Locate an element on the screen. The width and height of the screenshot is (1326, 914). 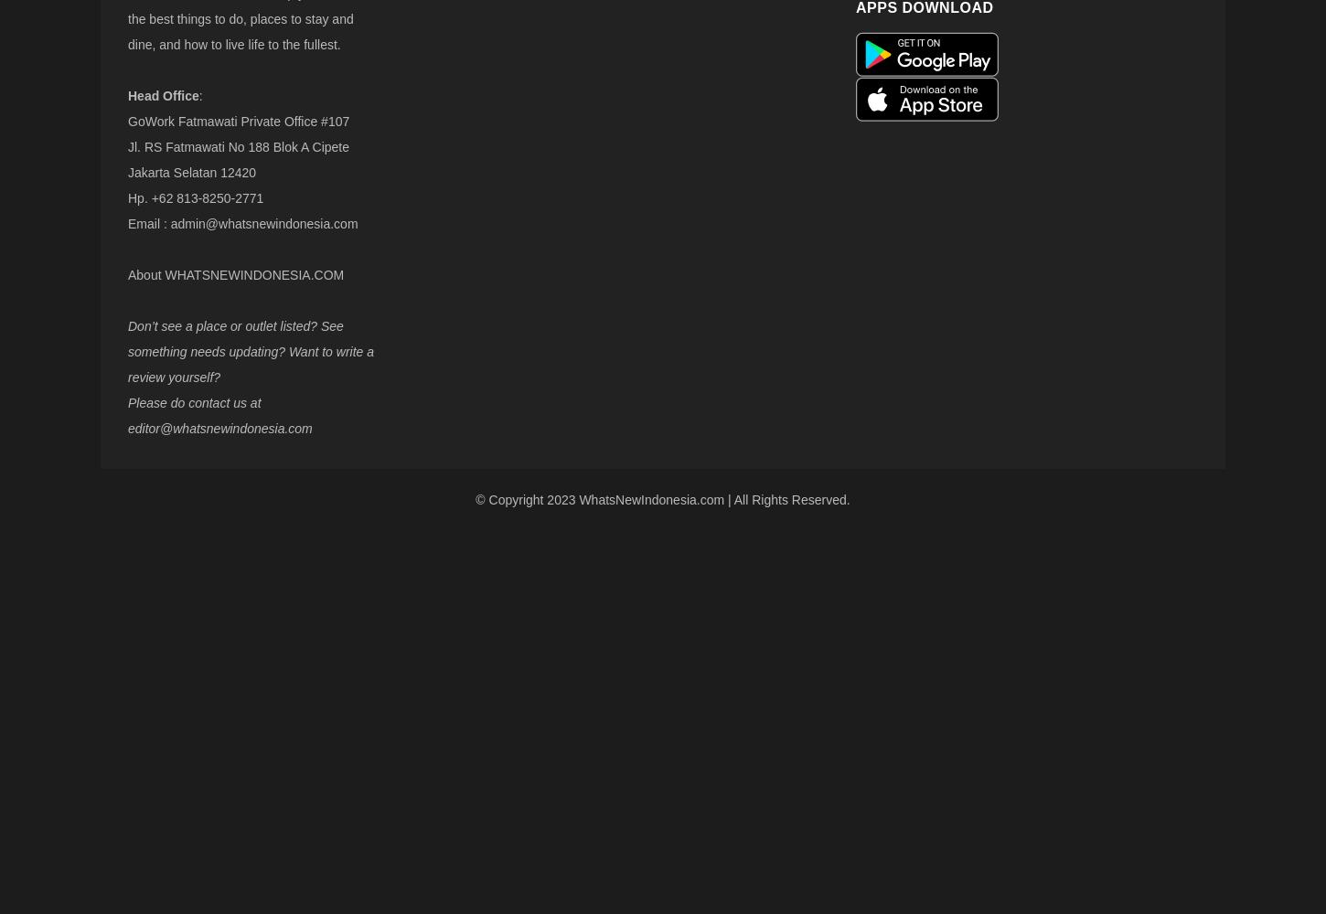
'editor@whatsnewindonesia.com' is located at coordinates (127, 428).